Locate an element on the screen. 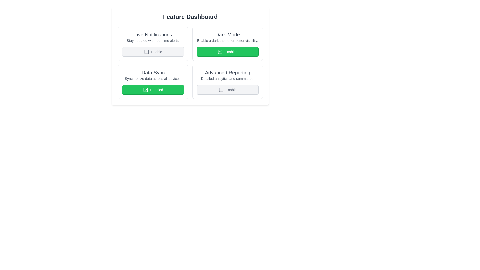 This screenshot has width=480, height=270. the Text Label that features a heading reading 'Advanced Reporting' with a bold appearance and a smaller description saying 'Detailed analytics and summaries', located in the bottom-right section of the interface under the Feature Dashboard heading is located at coordinates (227, 75).